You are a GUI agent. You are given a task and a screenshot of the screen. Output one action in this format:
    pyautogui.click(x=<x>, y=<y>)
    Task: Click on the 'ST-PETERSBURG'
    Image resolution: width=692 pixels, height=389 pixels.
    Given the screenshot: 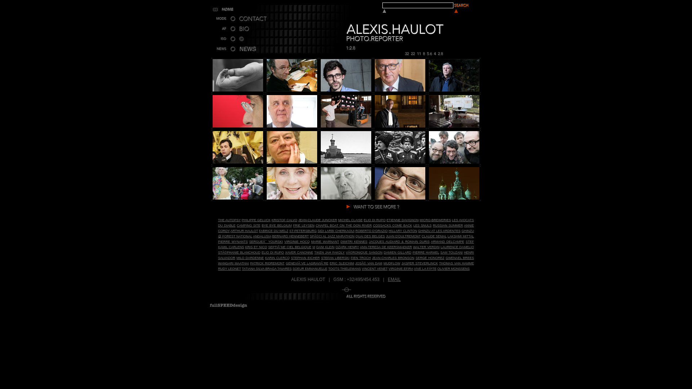 What is the action you would take?
    pyautogui.click(x=303, y=231)
    